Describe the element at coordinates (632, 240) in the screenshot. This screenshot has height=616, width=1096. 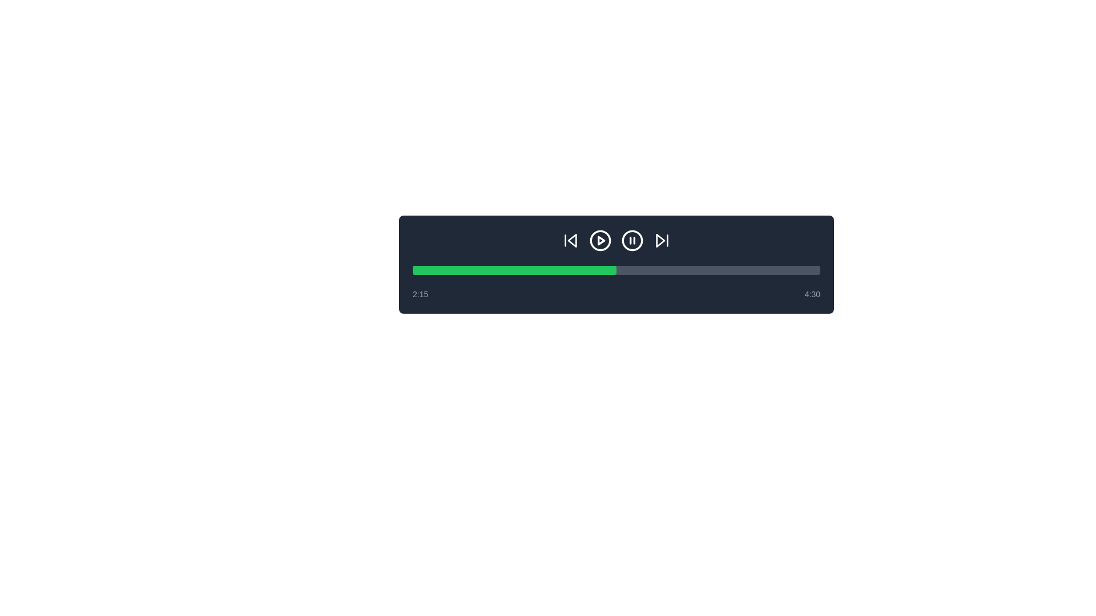
I see `the pause button which is visually emphasized by the circular graphic component forming part of the icon, located at the center of the enclosing circle` at that location.